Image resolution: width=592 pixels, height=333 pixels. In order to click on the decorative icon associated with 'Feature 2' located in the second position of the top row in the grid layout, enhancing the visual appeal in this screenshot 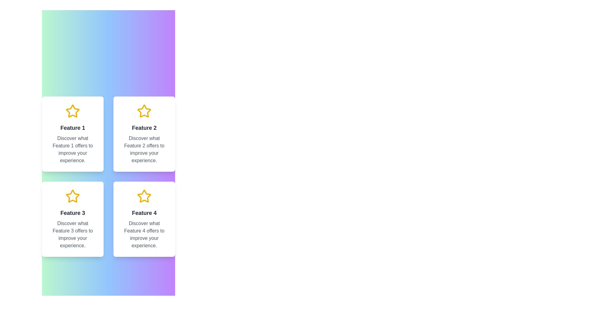, I will do `click(144, 111)`.